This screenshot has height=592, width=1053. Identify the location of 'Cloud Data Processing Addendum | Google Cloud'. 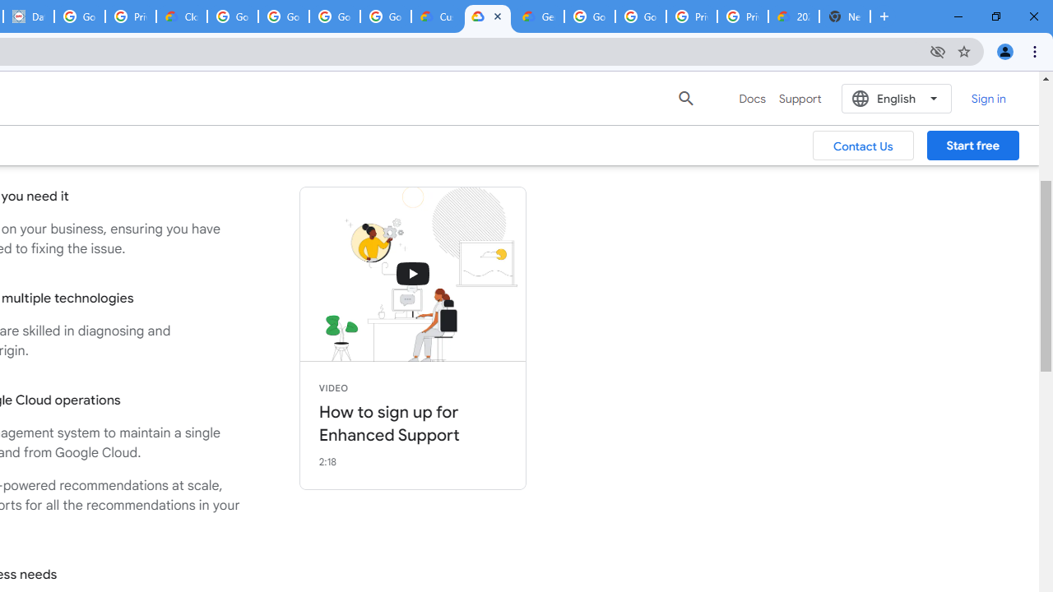
(181, 16).